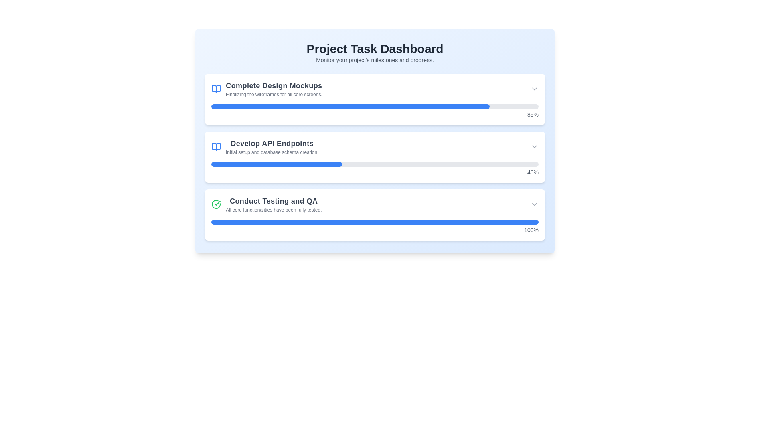  I want to click on displayed text of the Heading and subtitle element, which shows 'Project Task Dashboard' and 'Monitor your project's milestones and progress.', so click(375, 53).